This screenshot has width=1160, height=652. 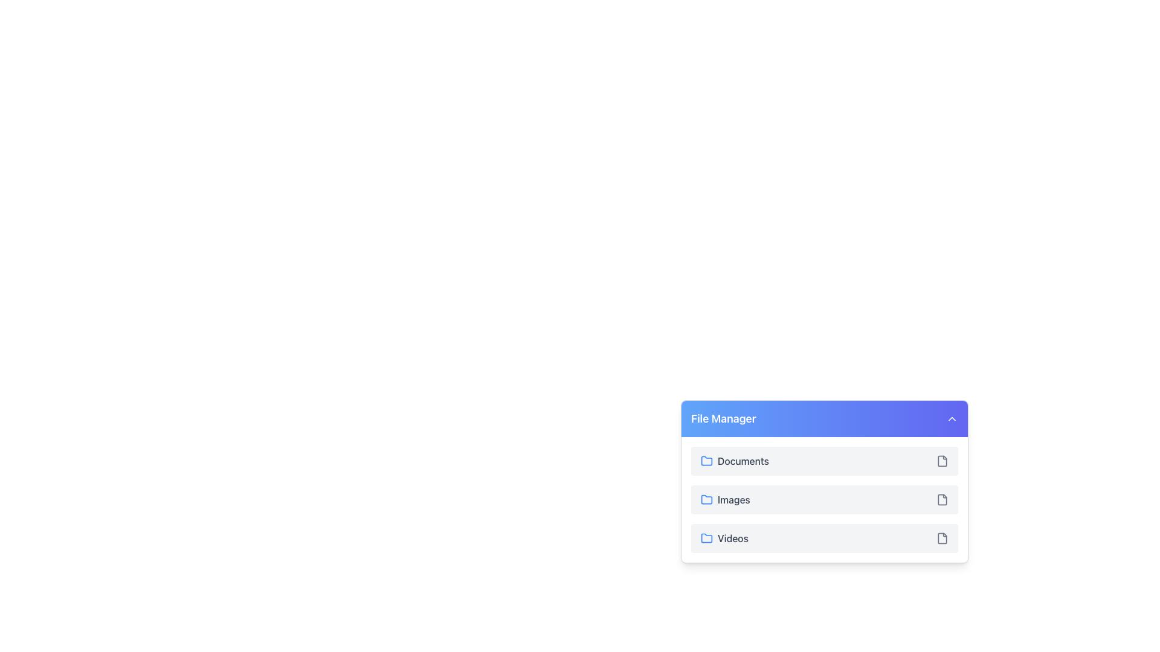 I want to click on the small document icon with a gray outline located at the far right of the 'Images' row, so click(x=942, y=500).